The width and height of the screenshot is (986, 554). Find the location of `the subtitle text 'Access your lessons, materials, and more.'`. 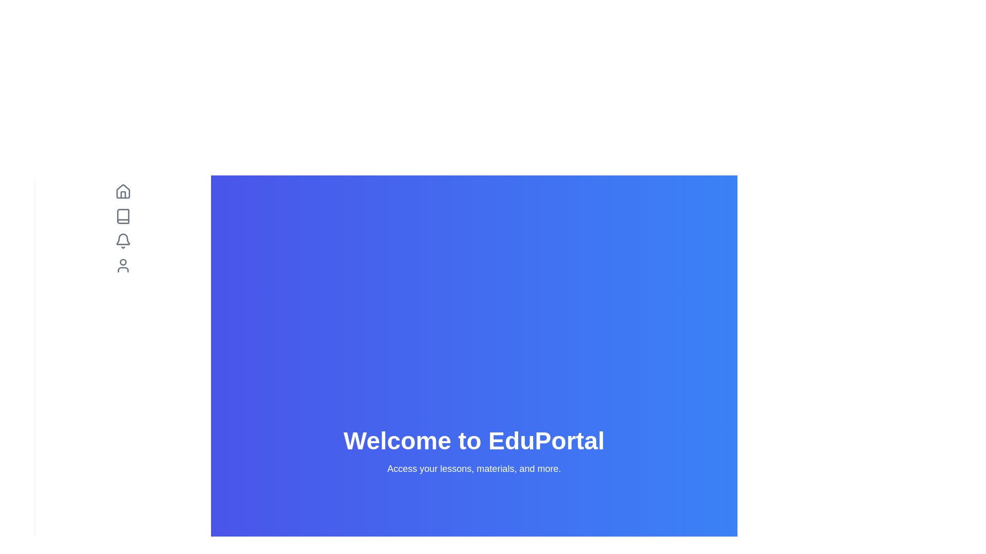

the subtitle text 'Access your lessons, materials, and more.' is located at coordinates (473, 469).